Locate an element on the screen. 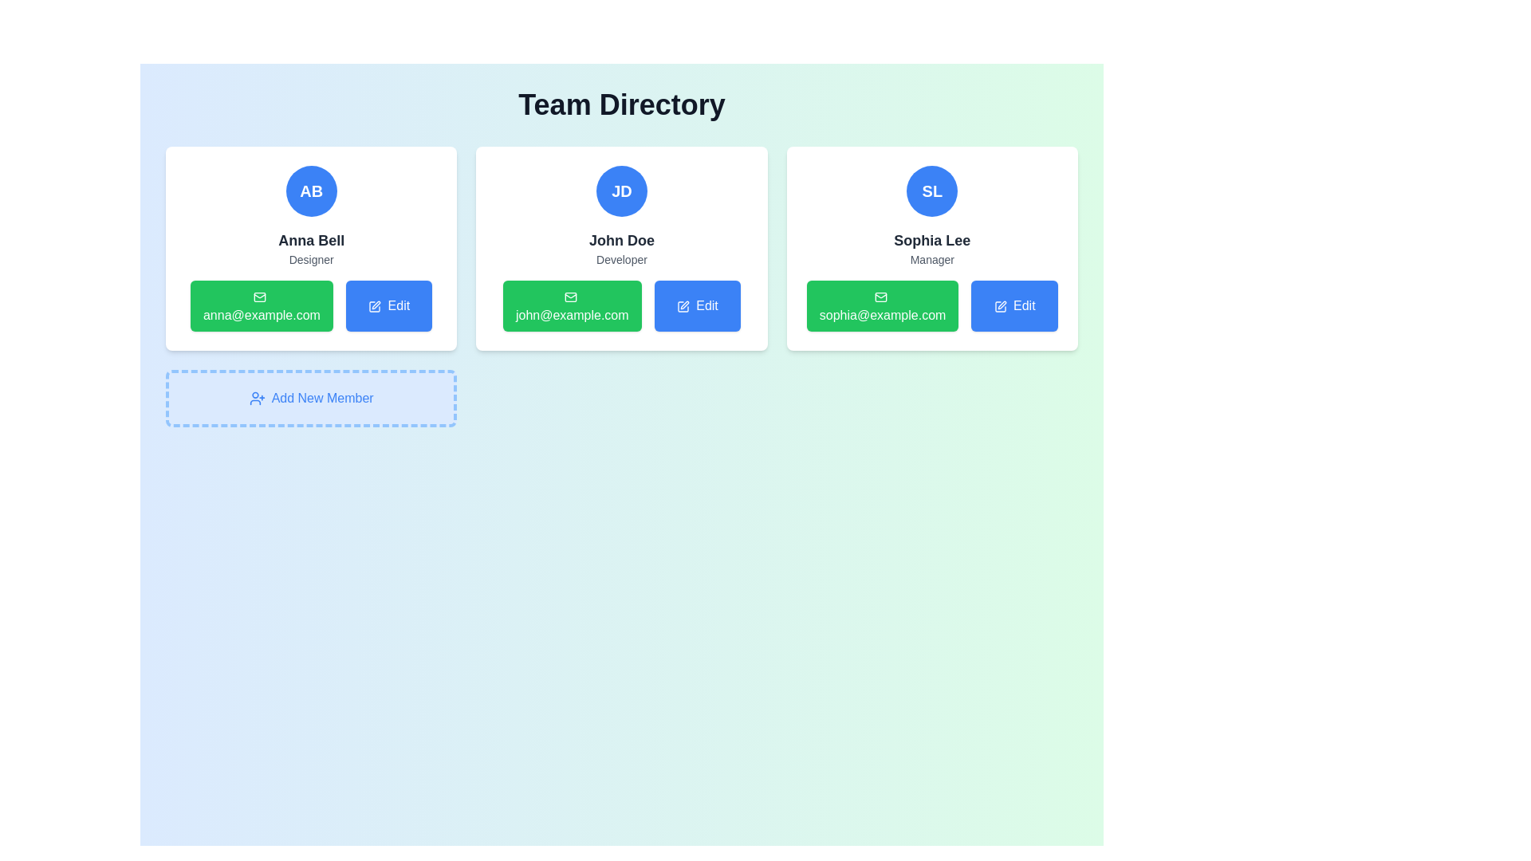  the text label displaying the name 'John Doe' located at the top center of the second card from the left, which is positioned below a circular avatar with initials 'JD' is located at coordinates (620, 240).